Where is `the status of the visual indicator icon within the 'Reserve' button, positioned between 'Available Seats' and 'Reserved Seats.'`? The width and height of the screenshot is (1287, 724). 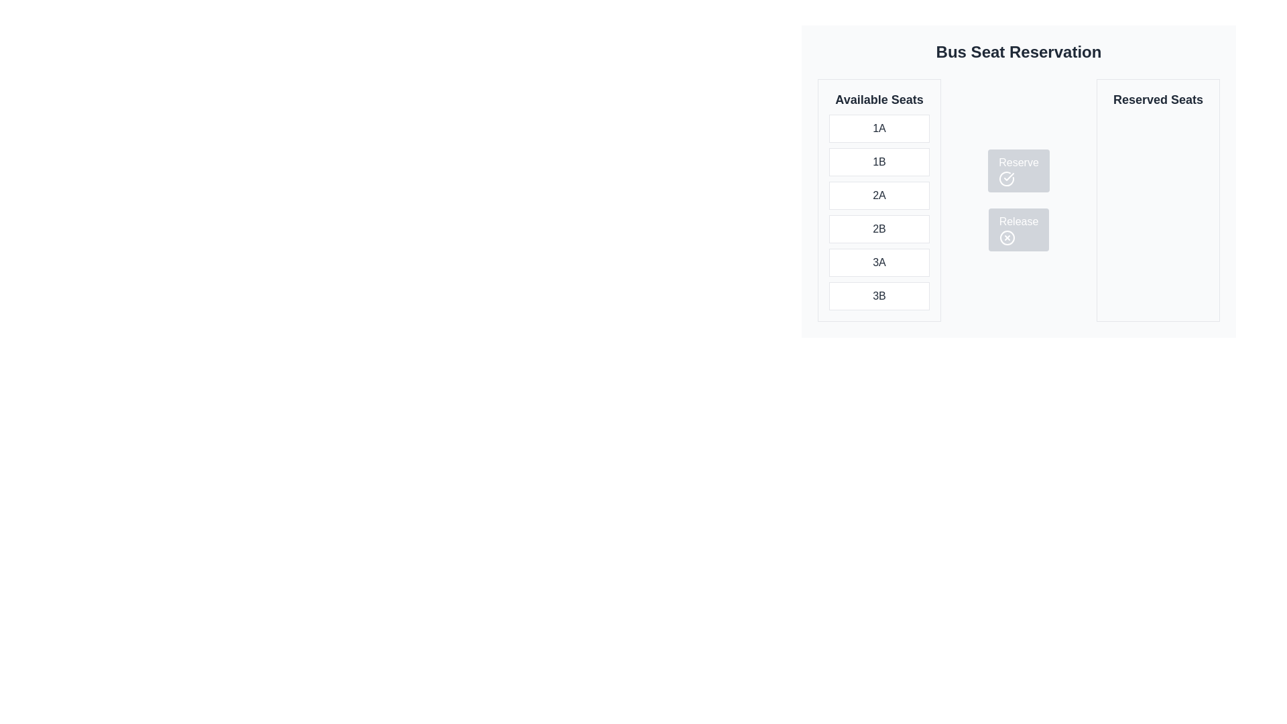 the status of the visual indicator icon within the 'Reserve' button, positioned between 'Available Seats' and 'Reserved Seats.' is located at coordinates (1007, 178).